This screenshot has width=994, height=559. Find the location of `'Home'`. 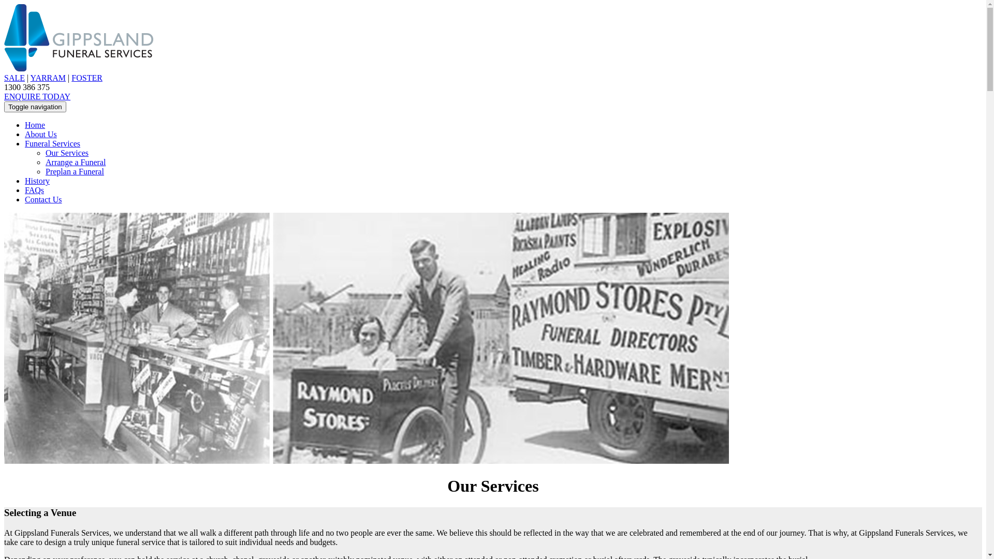

'Home' is located at coordinates (35, 124).